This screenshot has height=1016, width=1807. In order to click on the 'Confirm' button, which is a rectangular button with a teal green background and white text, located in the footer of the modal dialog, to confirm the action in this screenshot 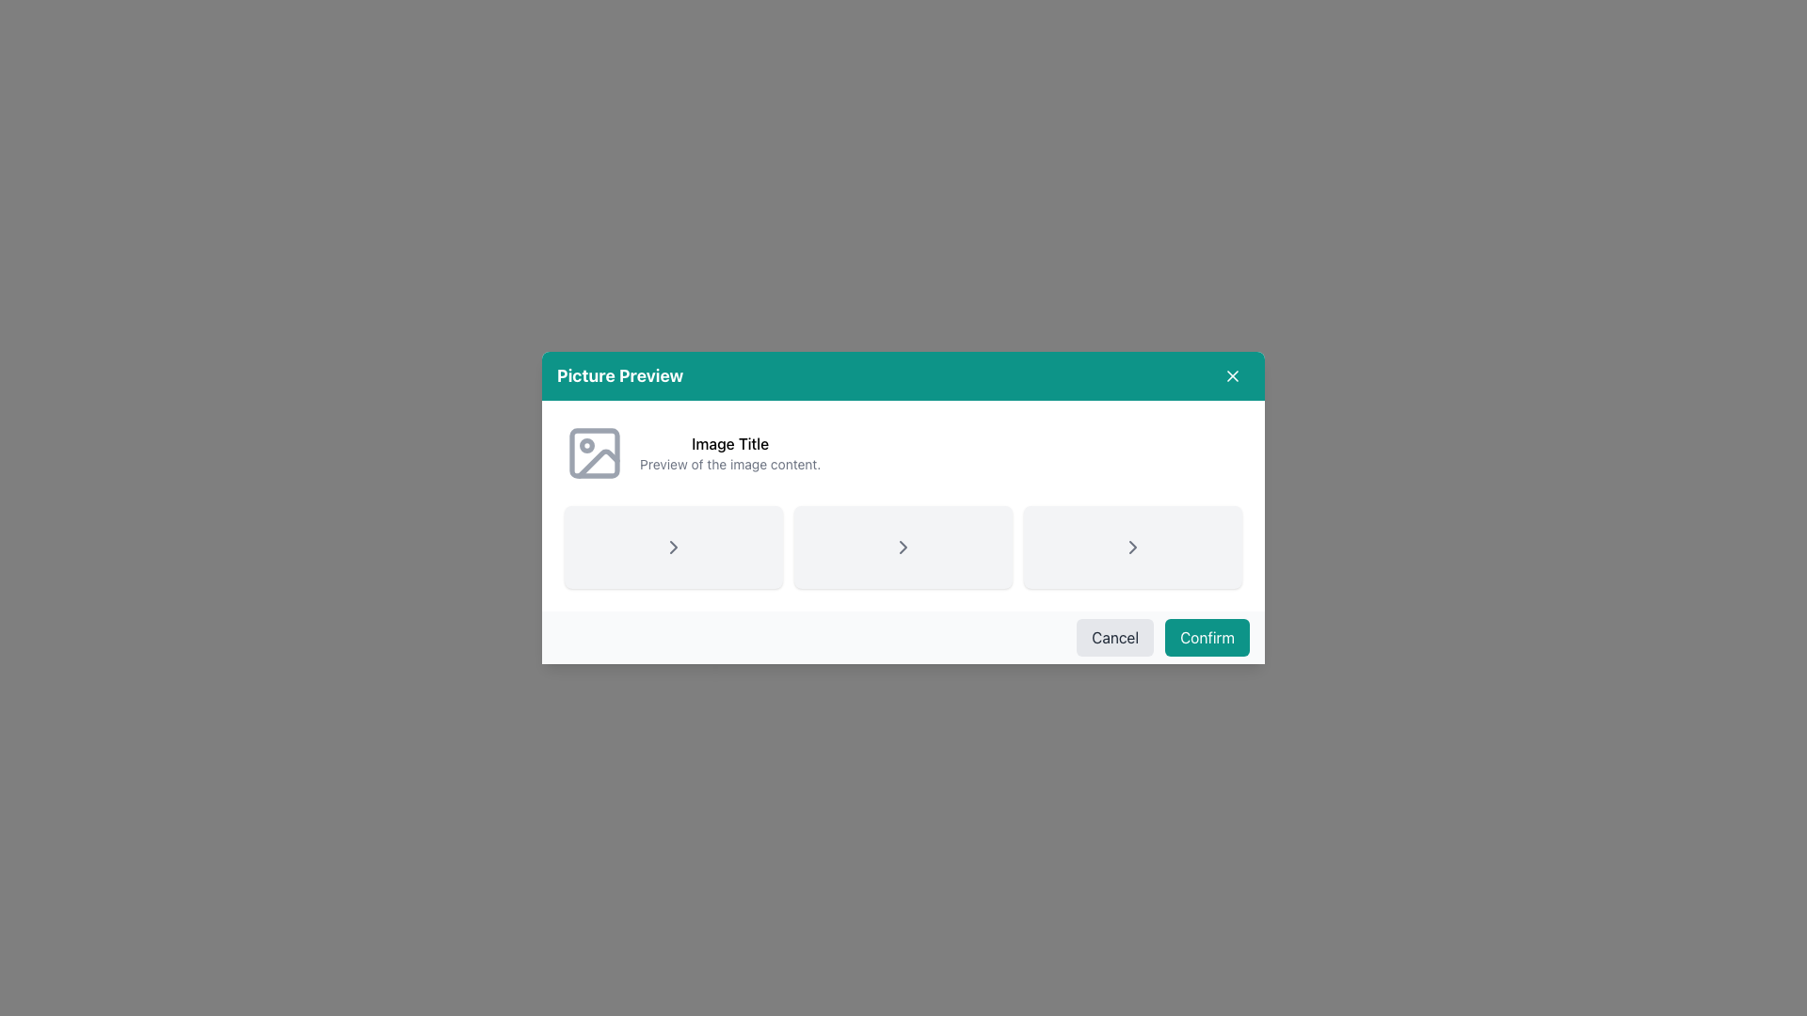, I will do `click(1207, 637)`.